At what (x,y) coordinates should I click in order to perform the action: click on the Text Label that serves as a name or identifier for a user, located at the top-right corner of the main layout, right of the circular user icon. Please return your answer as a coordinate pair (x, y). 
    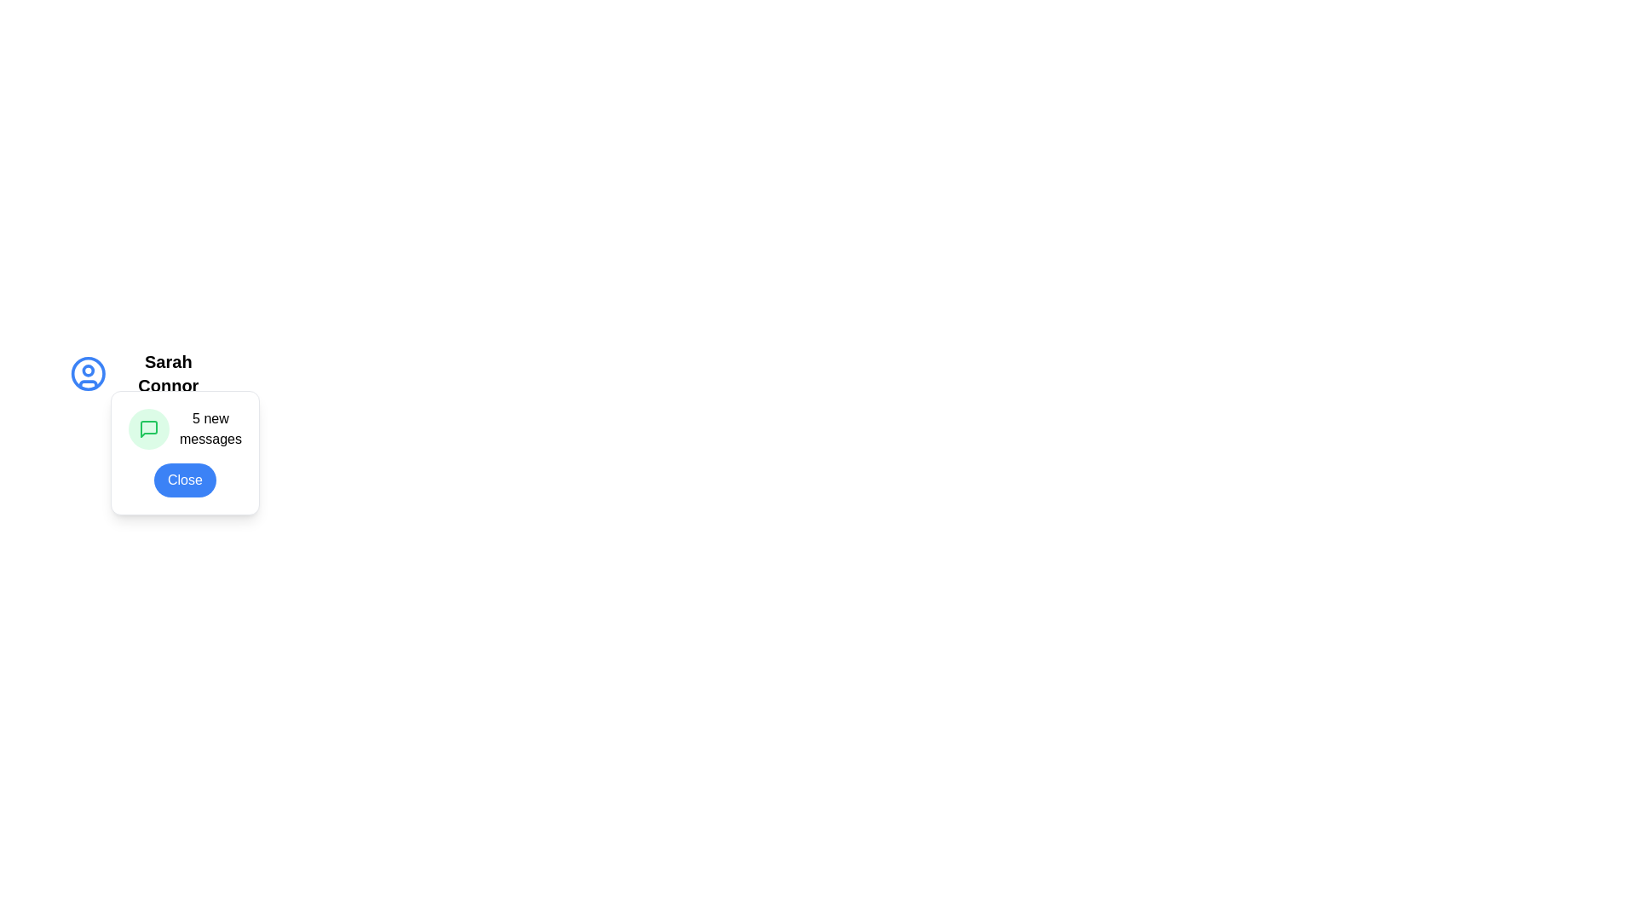
    Looking at the image, I should click on (168, 373).